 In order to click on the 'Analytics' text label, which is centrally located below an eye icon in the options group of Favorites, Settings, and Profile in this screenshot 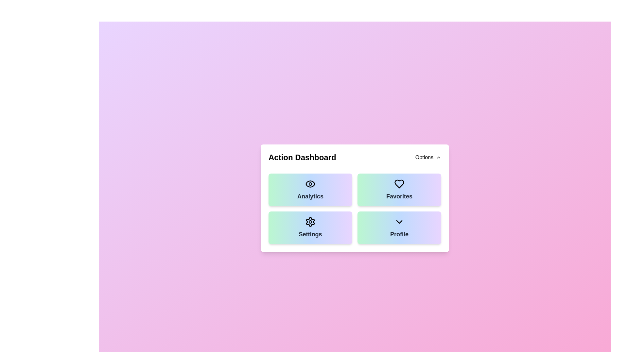, I will do `click(310, 196)`.